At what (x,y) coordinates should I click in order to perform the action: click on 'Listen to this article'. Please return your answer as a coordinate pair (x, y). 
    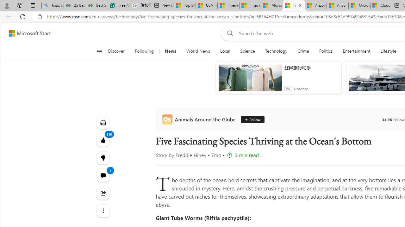
    Looking at the image, I should click on (103, 122).